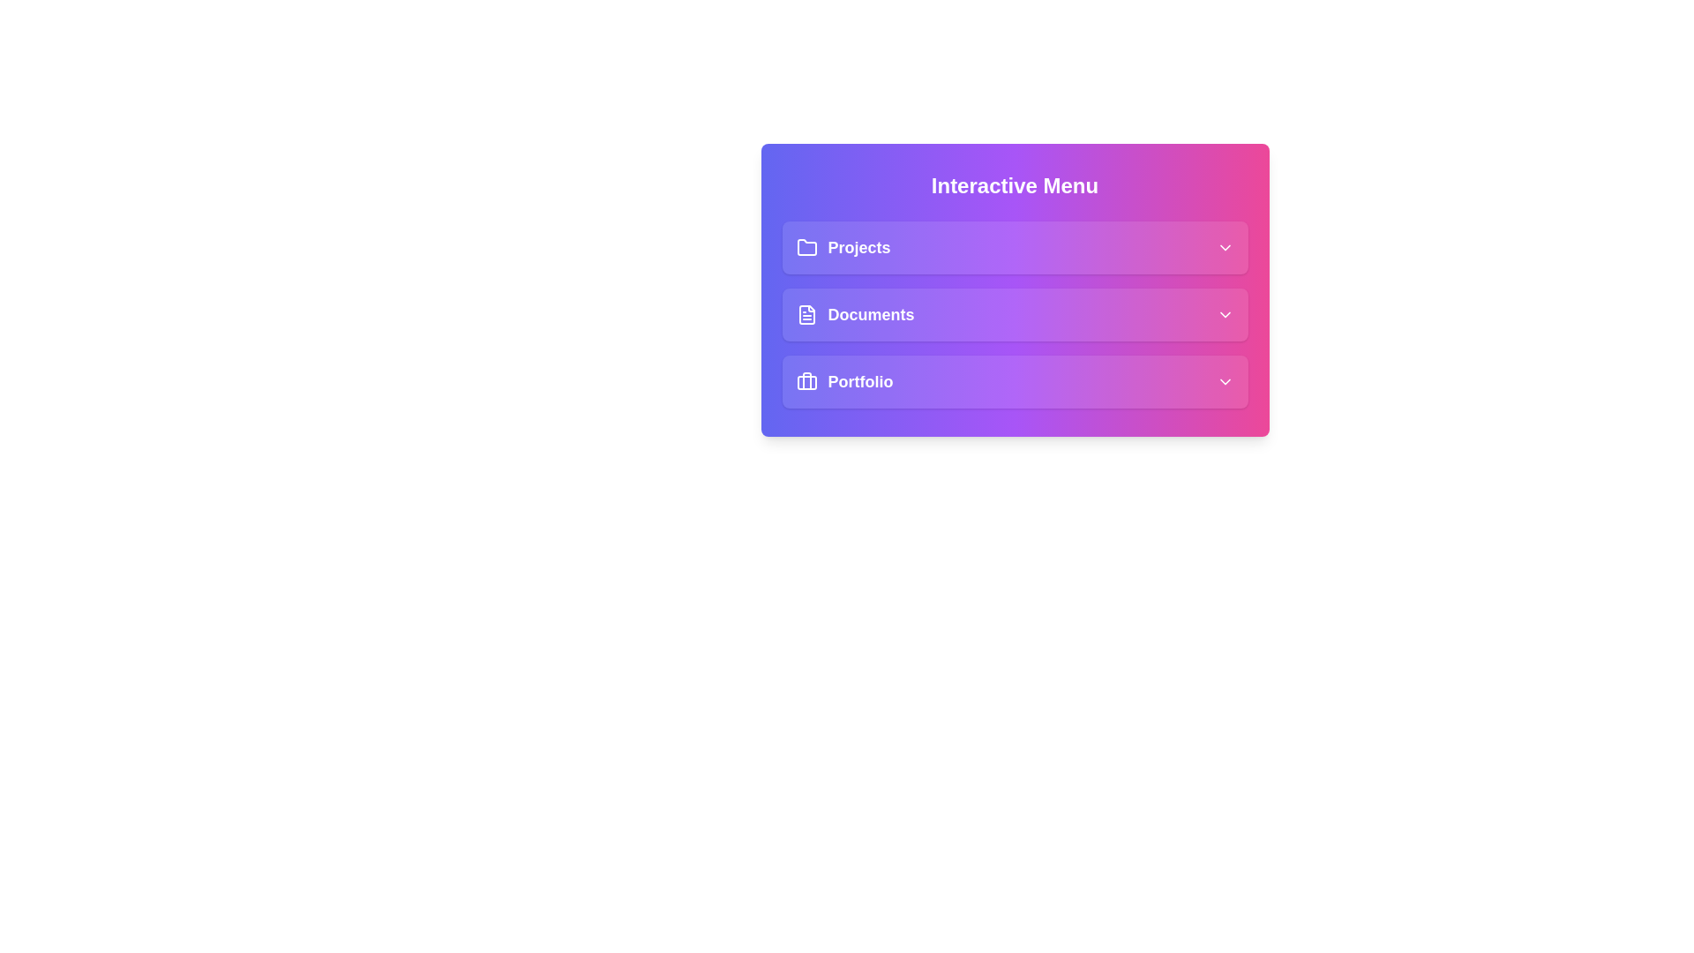 The height and width of the screenshot is (953, 1694). What do you see at coordinates (843, 380) in the screenshot?
I see `the Menu item labeled 'Portfolio' which consists of a briefcase icon and white text against a gradient background` at bounding box center [843, 380].